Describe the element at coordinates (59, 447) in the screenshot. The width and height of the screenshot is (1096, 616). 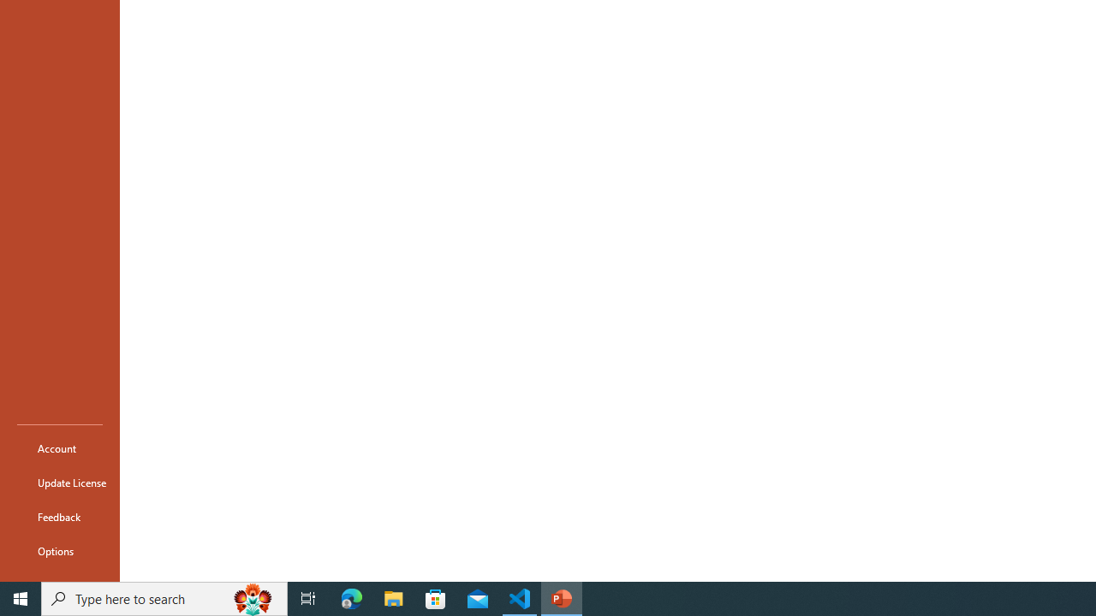
I see `'Account'` at that location.